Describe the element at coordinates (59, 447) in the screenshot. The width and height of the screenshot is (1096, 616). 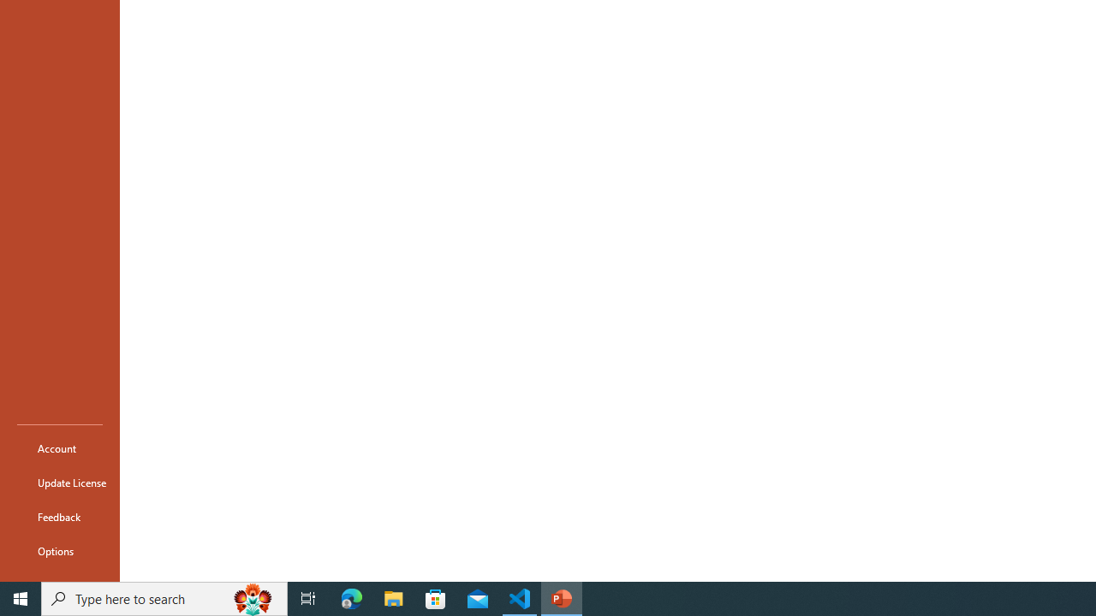
I see `'Account'` at that location.